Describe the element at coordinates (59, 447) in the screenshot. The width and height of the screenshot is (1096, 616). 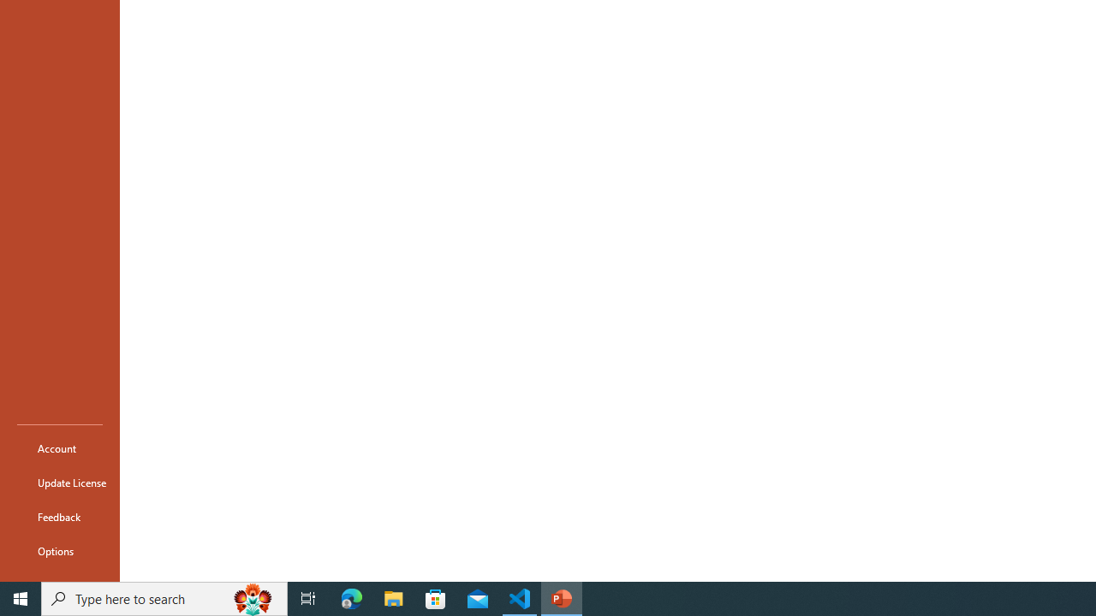
I see `'Account'` at that location.